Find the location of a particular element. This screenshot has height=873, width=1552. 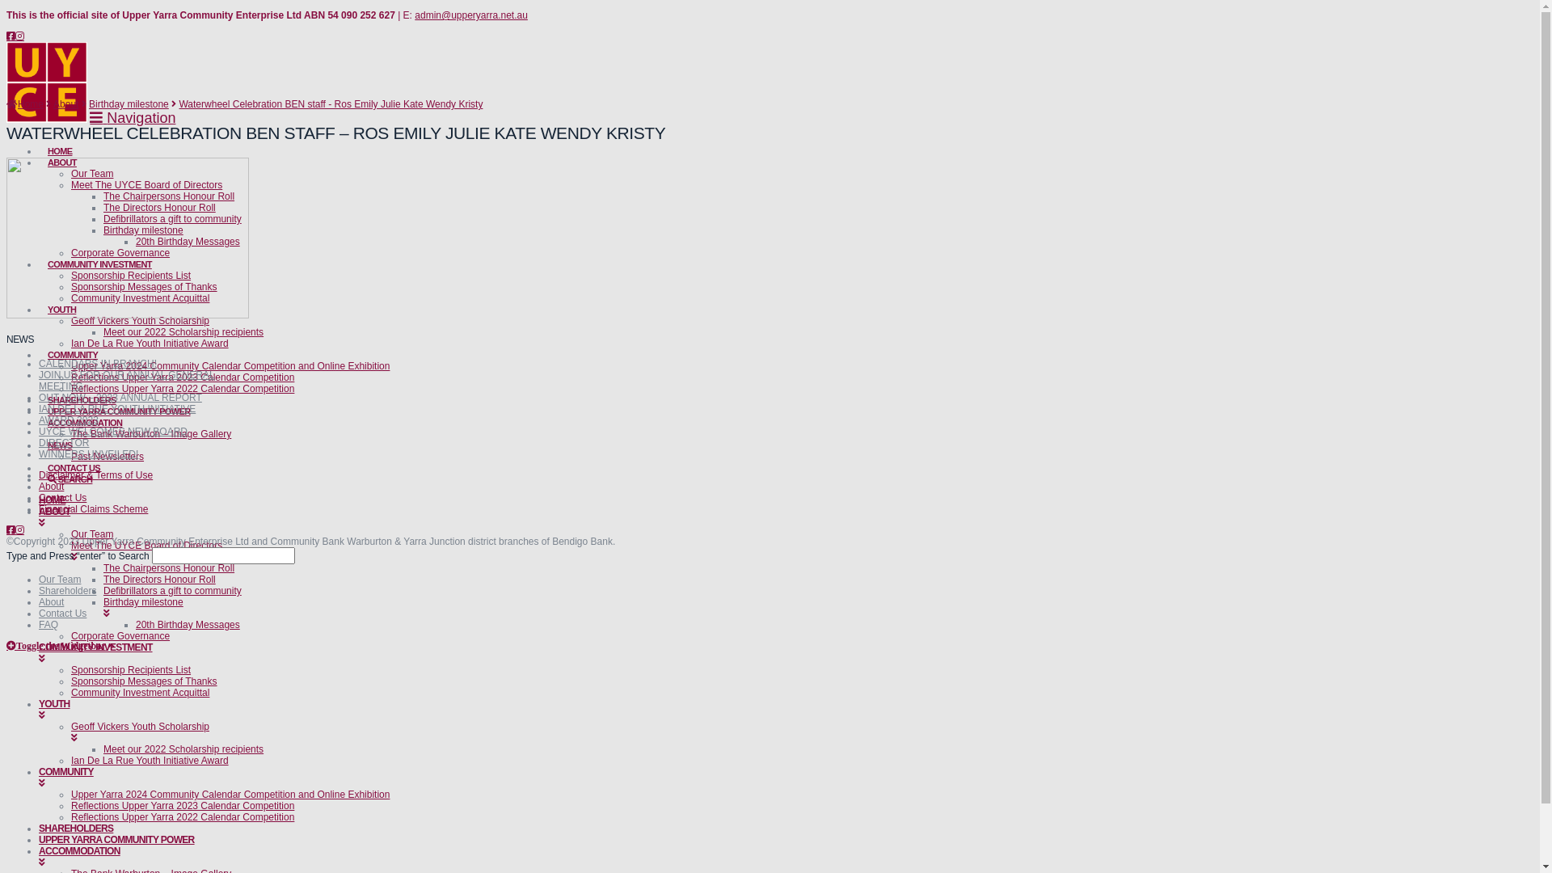

'FAQ' is located at coordinates (48, 623).